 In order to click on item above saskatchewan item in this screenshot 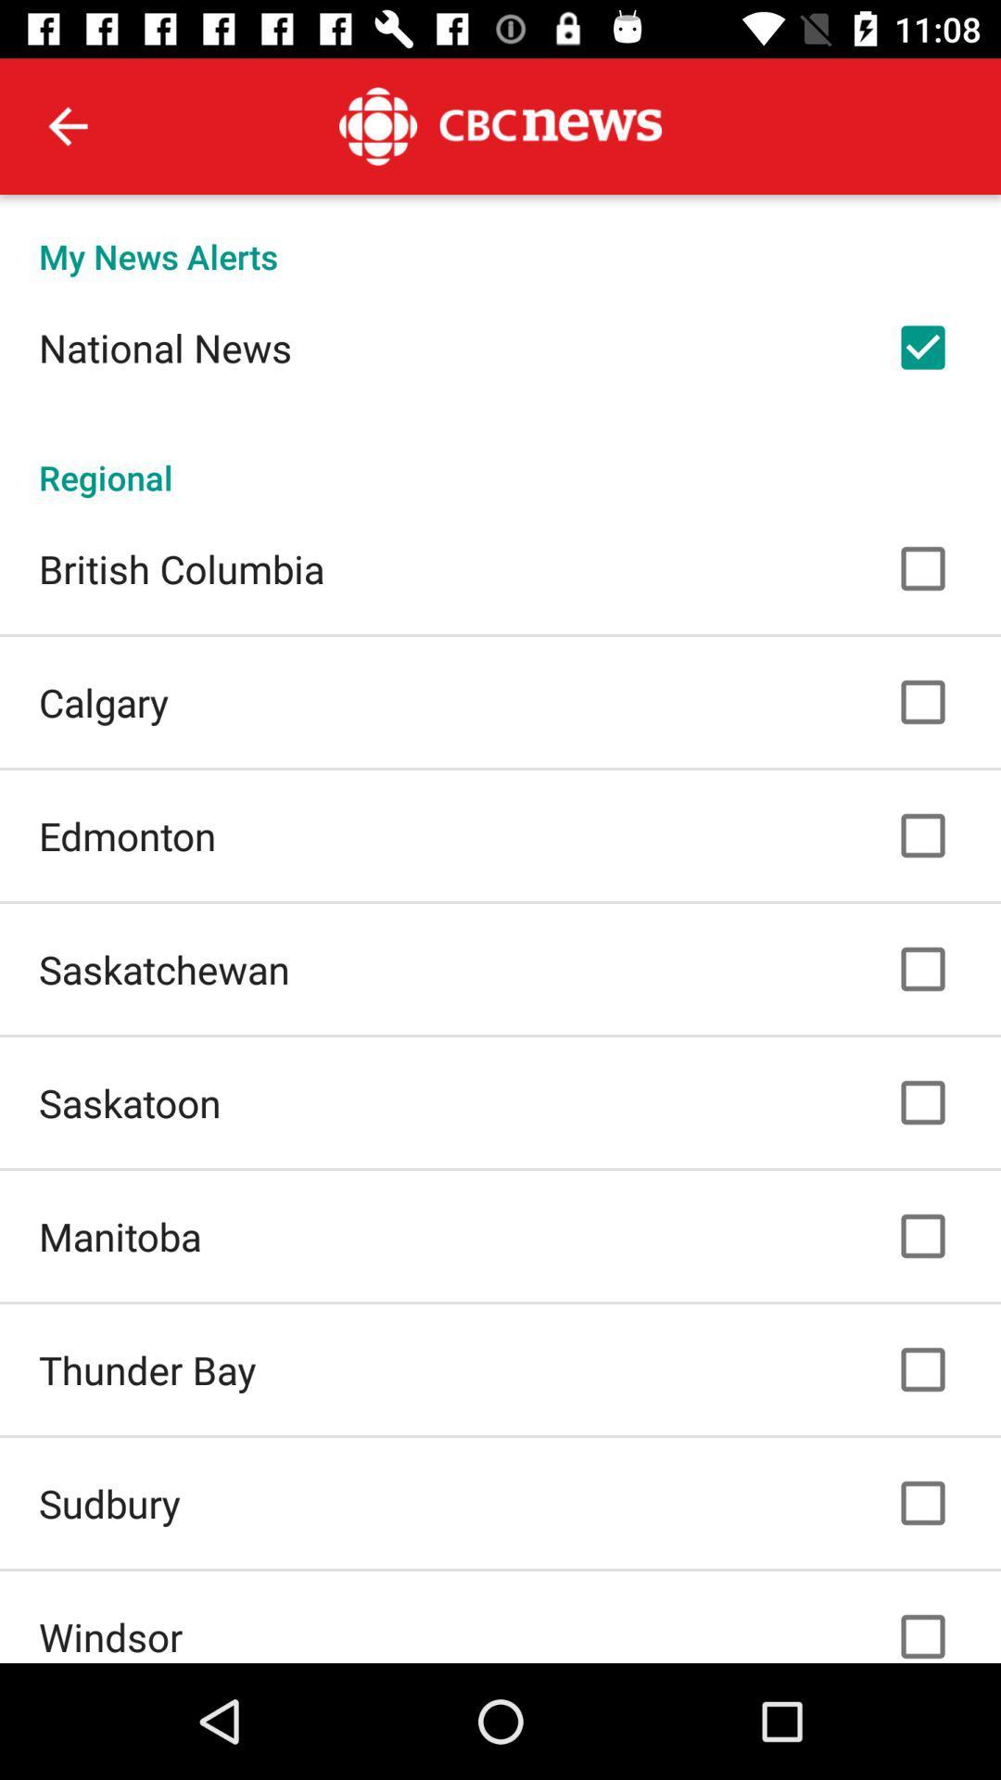, I will do `click(126, 834)`.